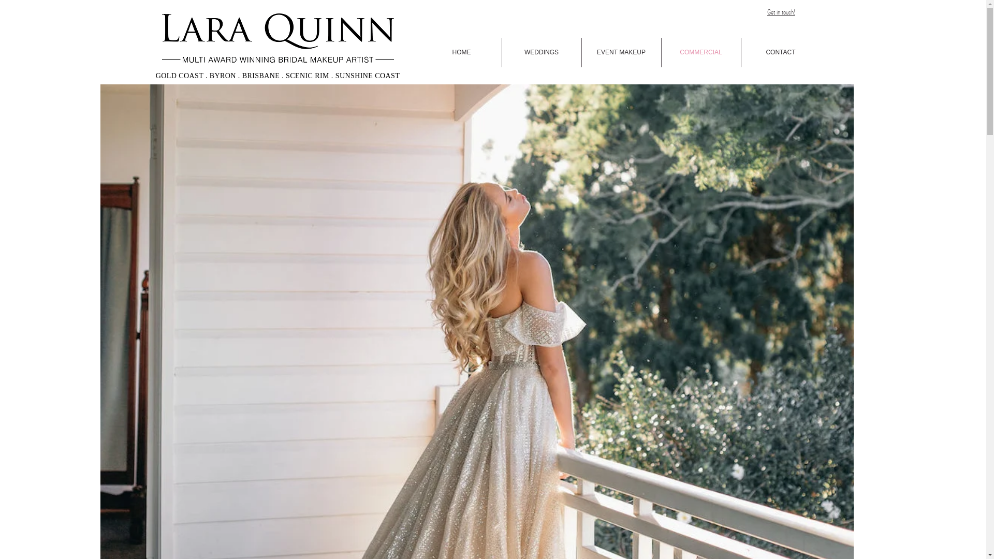 The height and width of the screenshot is (559, 994). What do you see at coordinates (781, 52) in the screenshot?
I see `'CONTACT'` at bounding box center [781, 52].